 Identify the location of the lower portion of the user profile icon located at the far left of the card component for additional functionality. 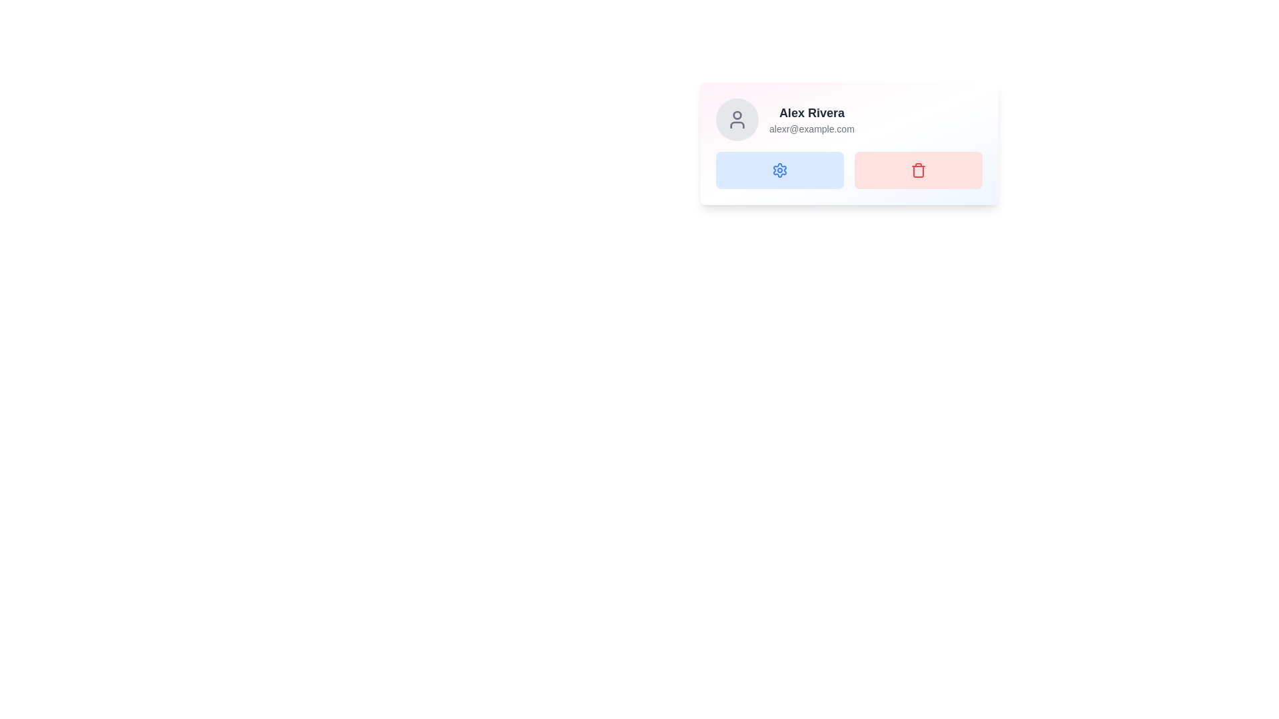
(737, 125).